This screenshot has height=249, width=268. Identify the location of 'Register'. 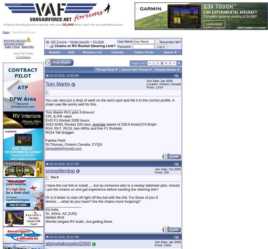
(55, 52).